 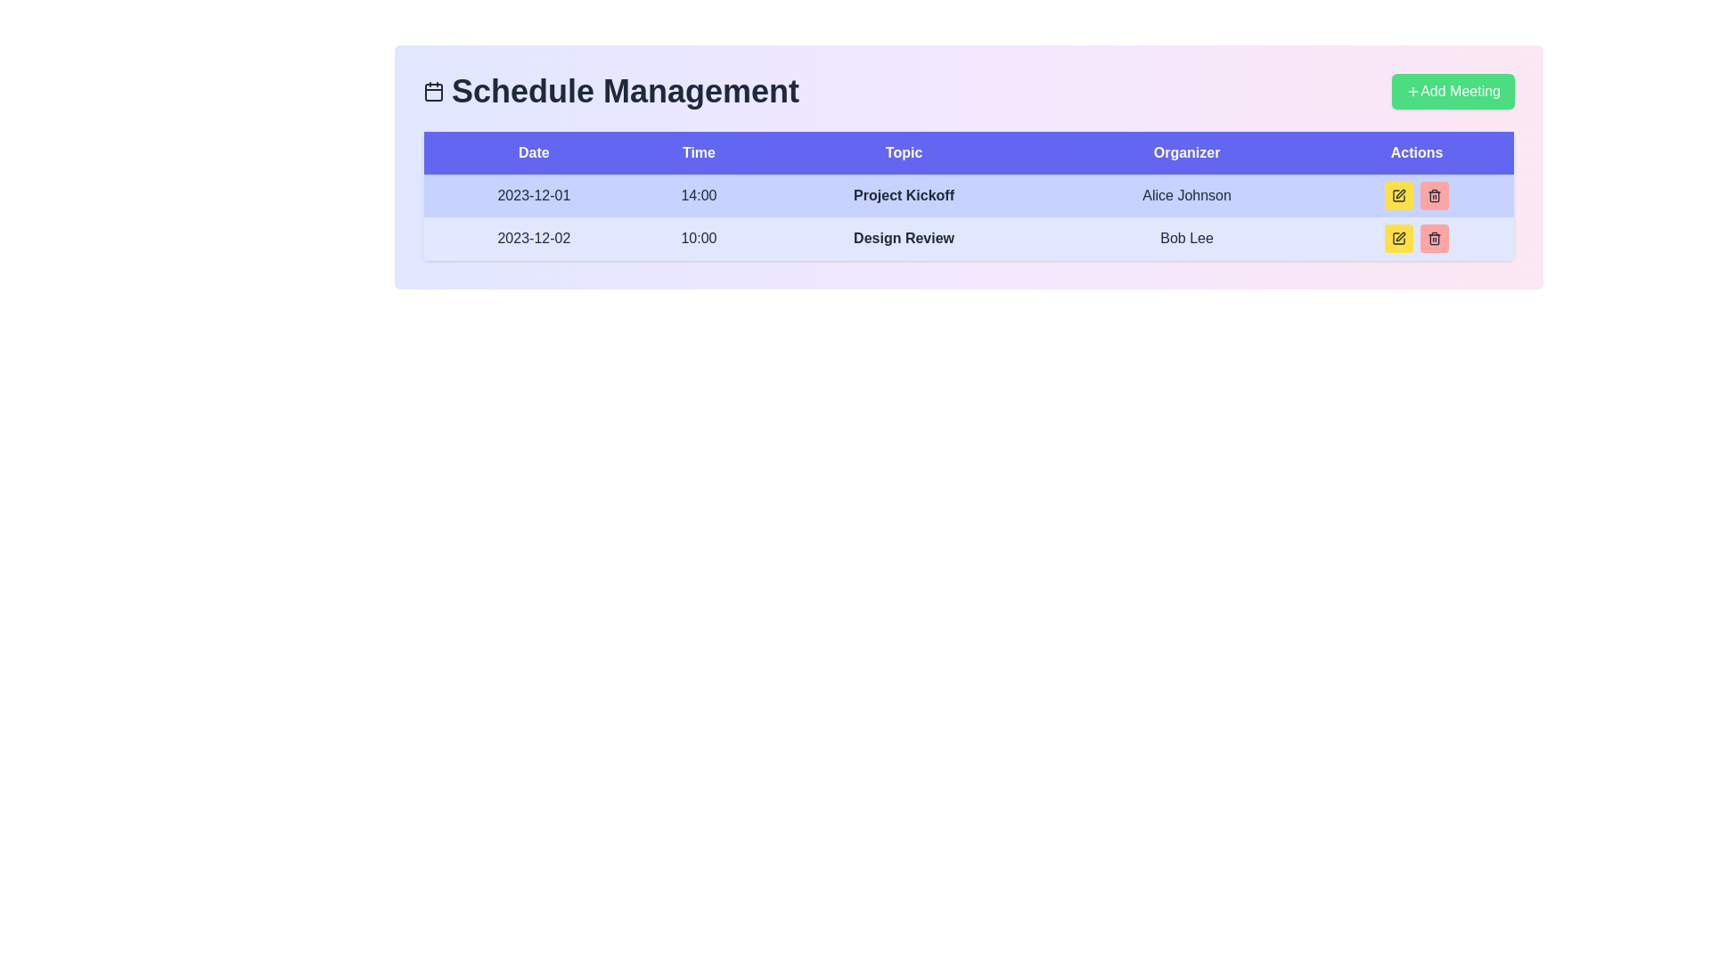 What do you see at coordinates (904, 151) in the screenshot?
I see `the third column header of the table, which serves as a descriptive label for topics, located between the 'Time' and 'Organizer' column headers` at bounding box center [904, 151].